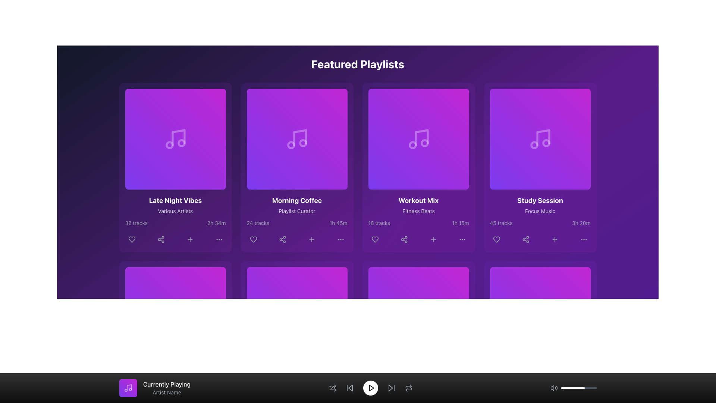  What do you see at coordinates (160, 239) in the screenshot?
I see `the 'Share' icon button represented by interconnected circles and lines located in the control area of the 'Late Night Vibes' playlist card to share the playlist` at bounding box center [160, 239].